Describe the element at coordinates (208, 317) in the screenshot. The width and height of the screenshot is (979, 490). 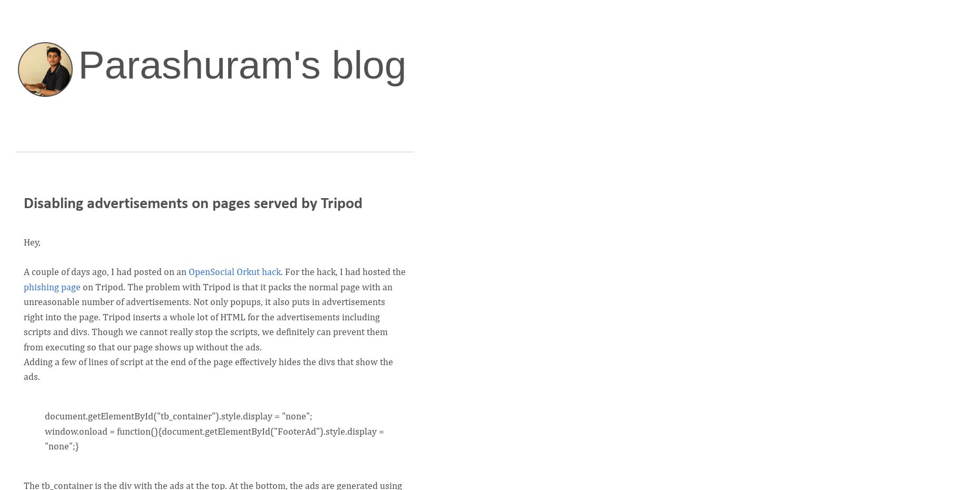
I see `'on Tripod. The problem with Tripod is that it packs the normal page with an unreasonable number of advertisements. Not only popups, it also puts in advertisements right into the page. Tripod inserts a whole lot of HTML for the advertisements including scripts and divs. Though we cannot really stop the scripts, we definitely can prevent them from executing so that our page shows up without the ads.'` at that location.